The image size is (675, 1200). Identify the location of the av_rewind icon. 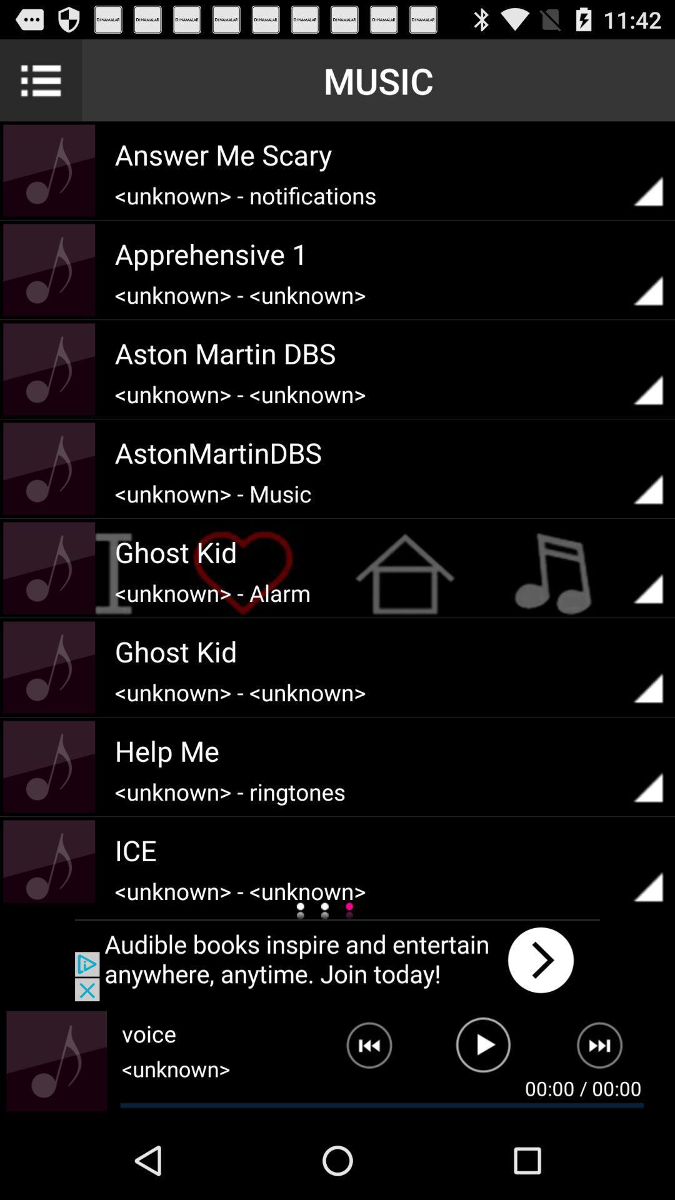
(359, 1124).